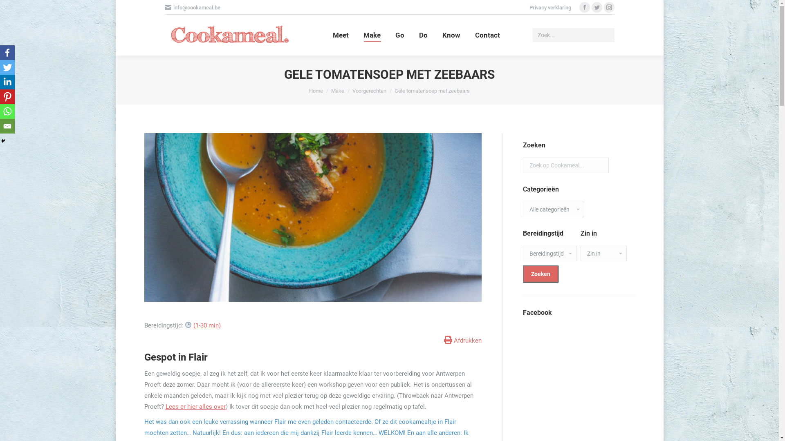 The height and width of the screenshot is (441, 785). I want to click on 'Pinterest', so click(7, 96).